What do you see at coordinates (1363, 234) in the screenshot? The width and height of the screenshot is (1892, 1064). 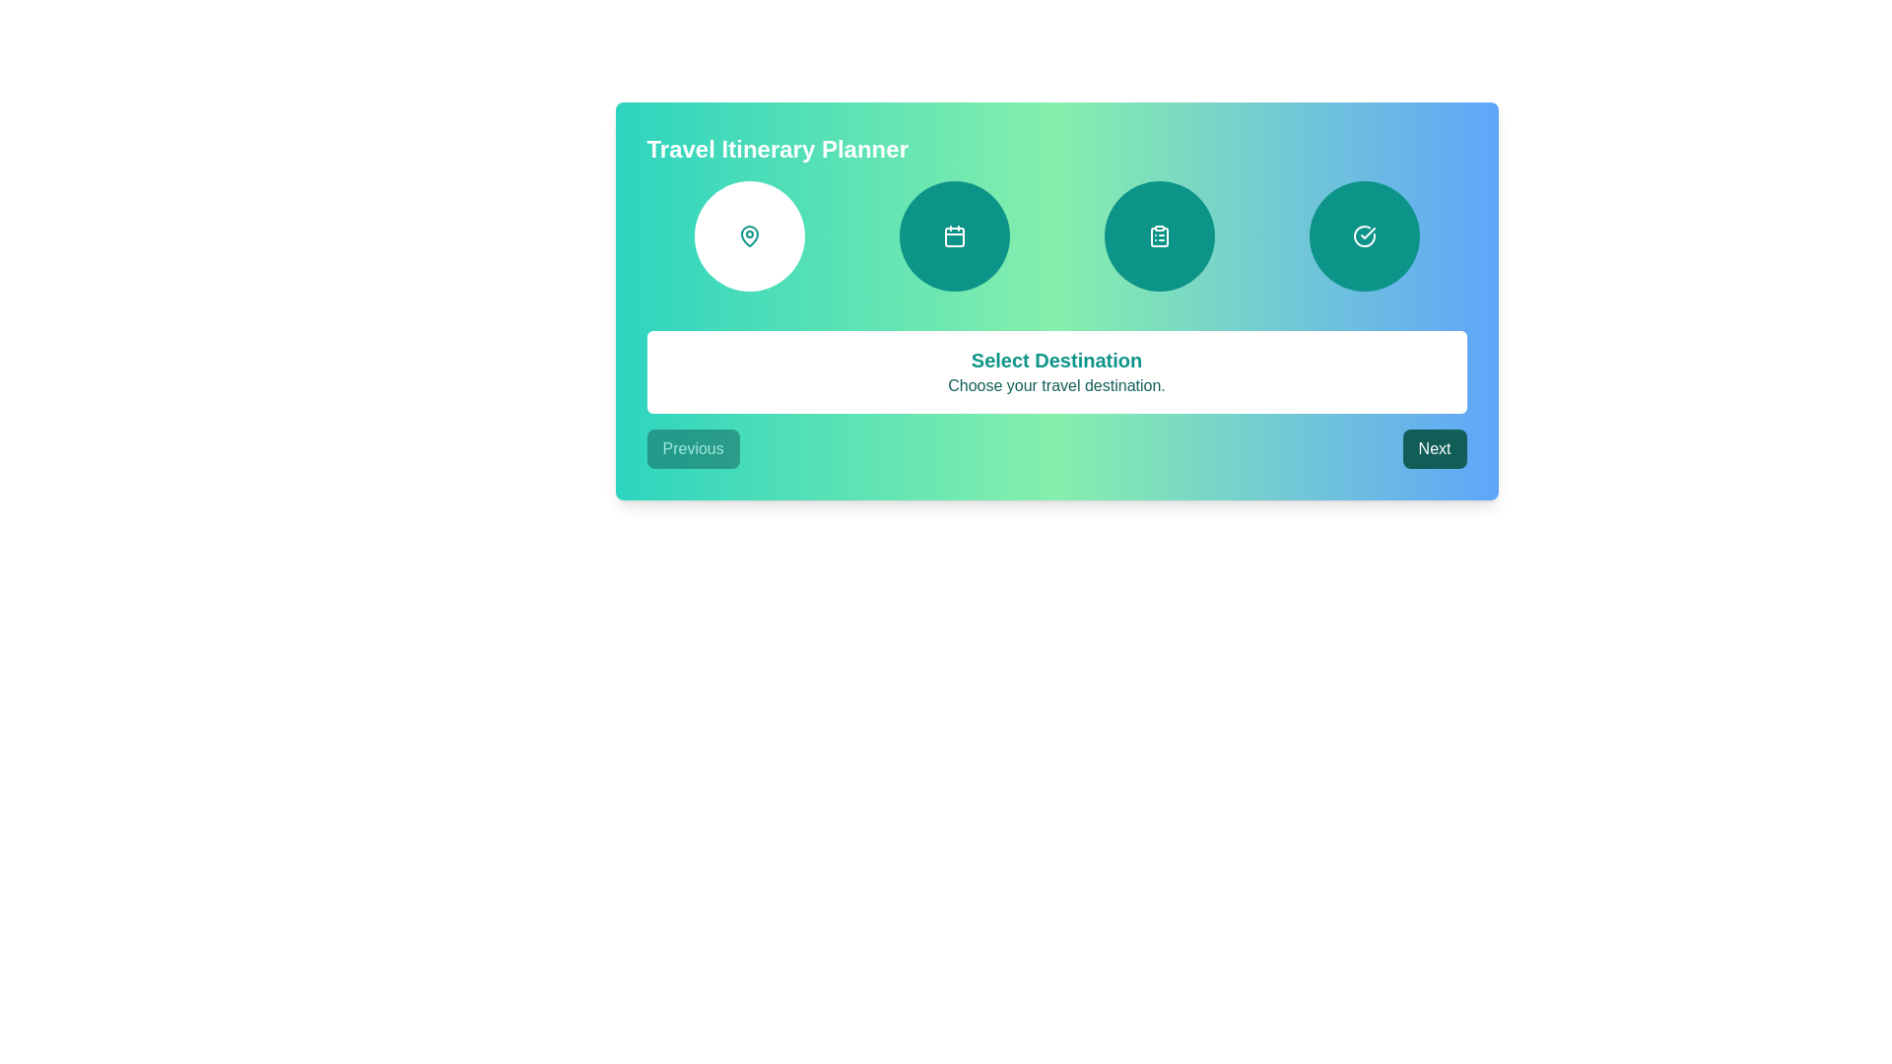 I see `the fourth button in a horizontal row, which indicates a selected or completed state with a check mark icon` at bounding box center [1363, 234].